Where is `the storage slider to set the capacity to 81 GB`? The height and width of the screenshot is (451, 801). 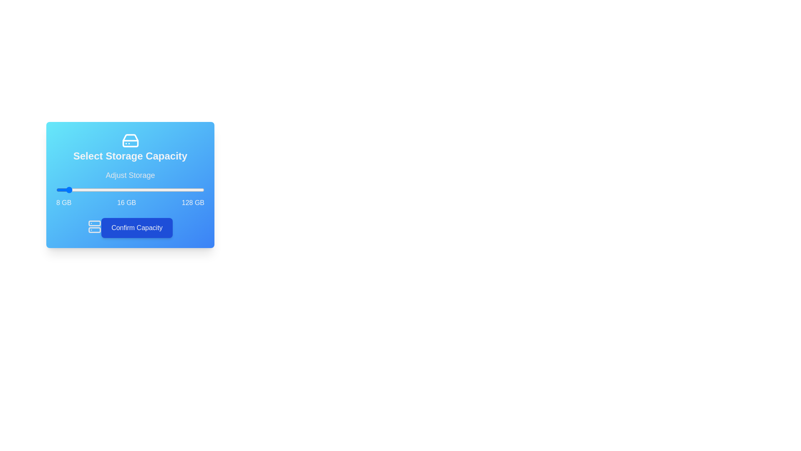 the storage slider to set the capacity to 81 GB is located at coordinates (146, 190).